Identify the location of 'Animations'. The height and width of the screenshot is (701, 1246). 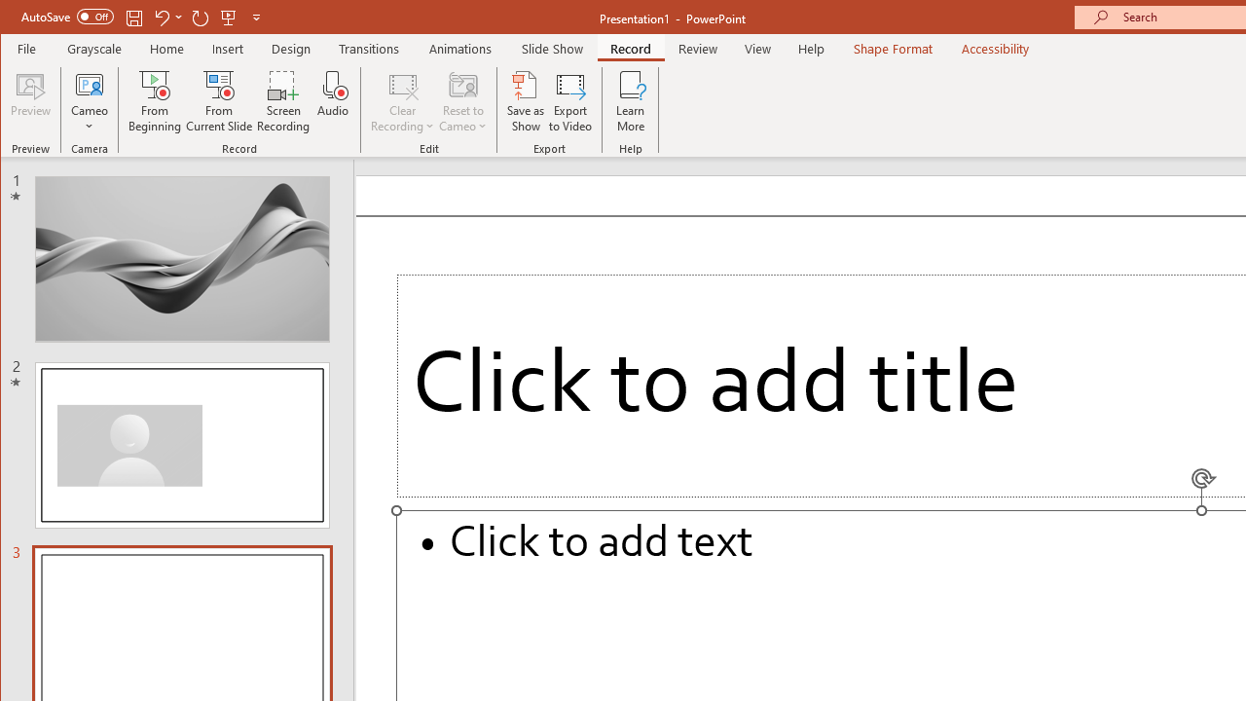
(459, 48).